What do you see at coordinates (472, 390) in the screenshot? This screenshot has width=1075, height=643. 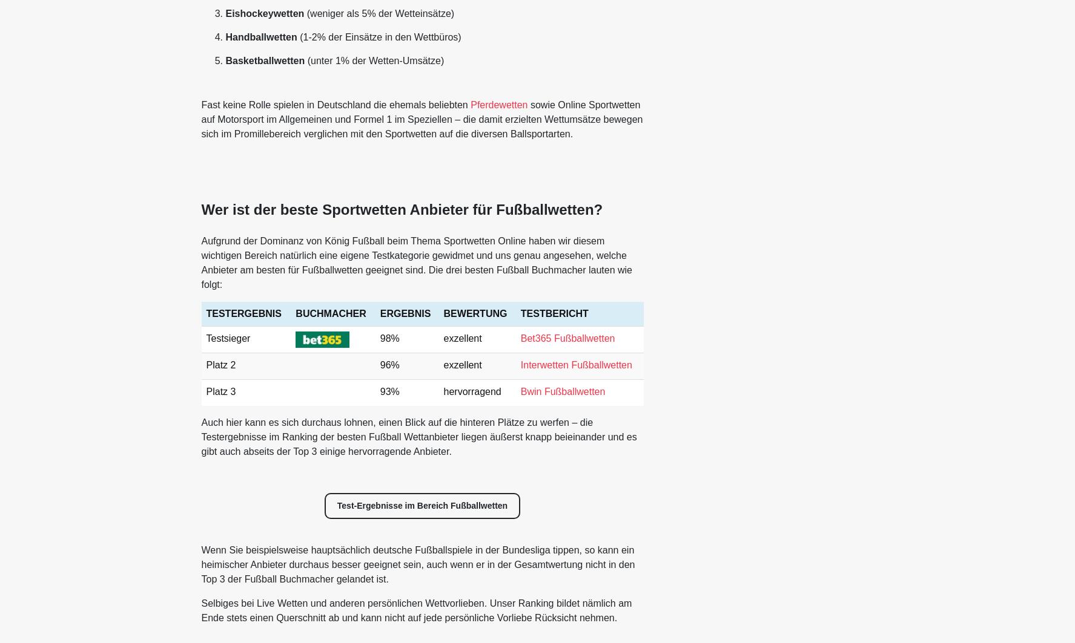 I see `'hervorragend'` at bounding box center [472, 390].